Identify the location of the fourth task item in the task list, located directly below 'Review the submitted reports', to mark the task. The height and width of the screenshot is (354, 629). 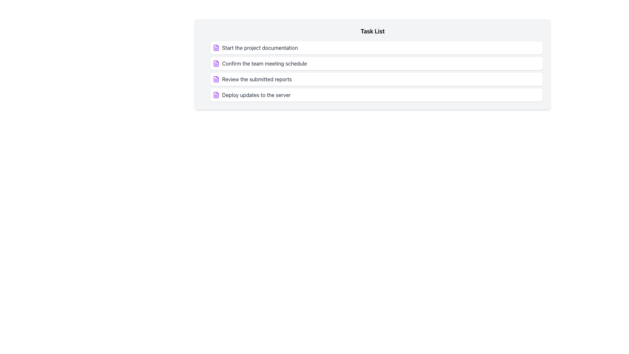
(376, 95).